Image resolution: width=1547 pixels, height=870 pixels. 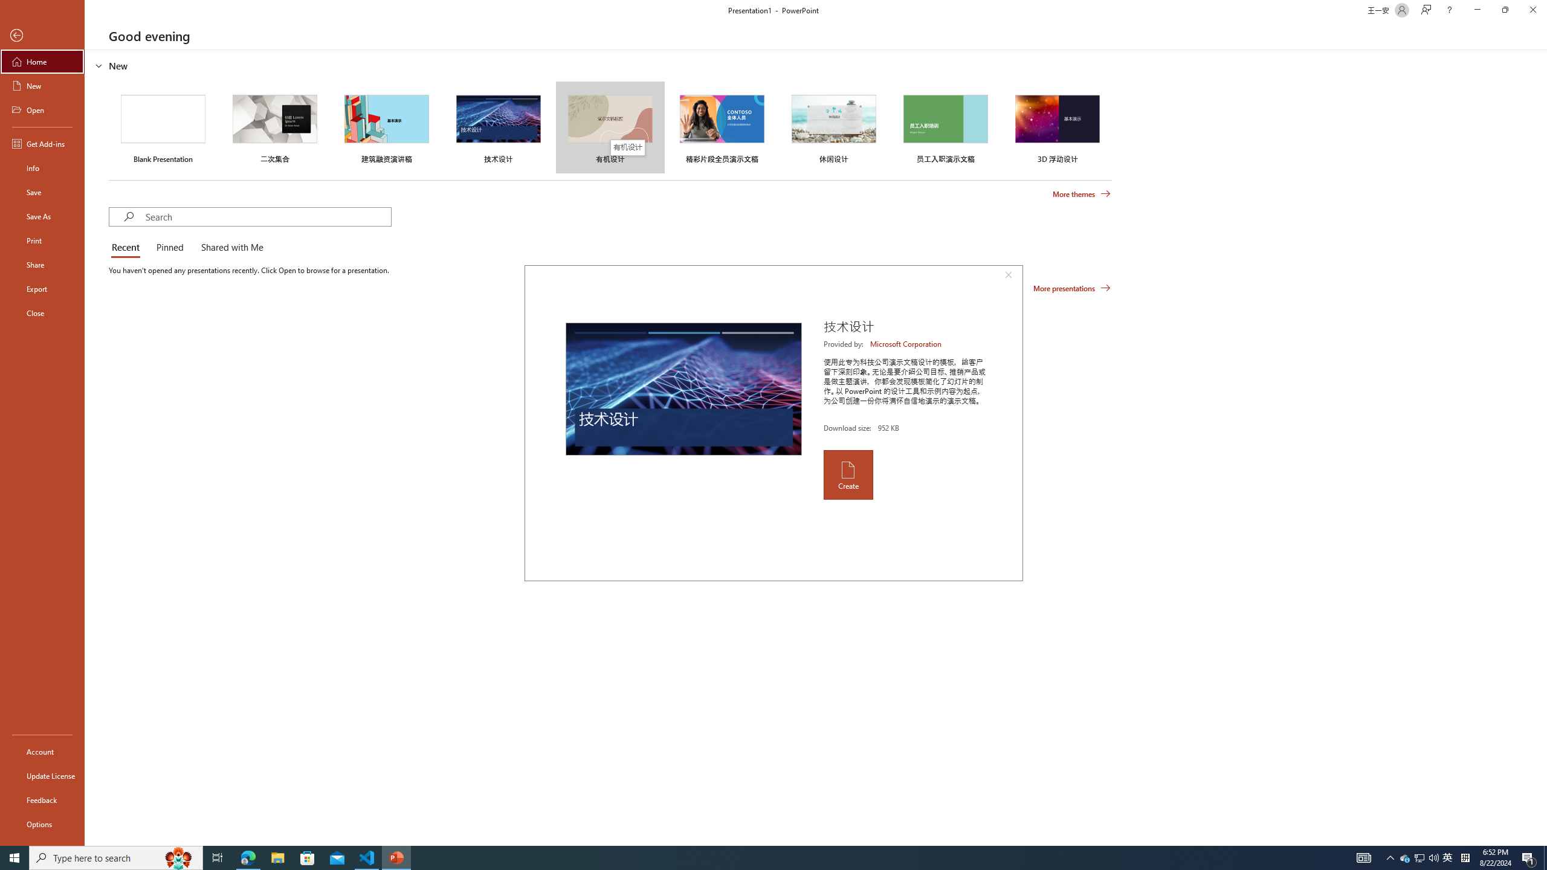 What do you see at coordinates (847, 474) in the screenshot?
I see `'Create'` at bounding box center [847, 474].